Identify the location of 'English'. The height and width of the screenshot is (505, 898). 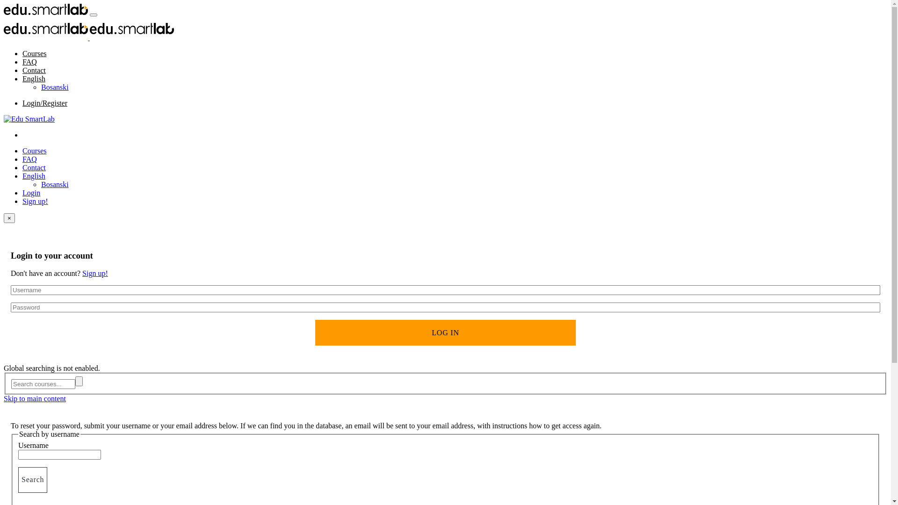
(34, 78).